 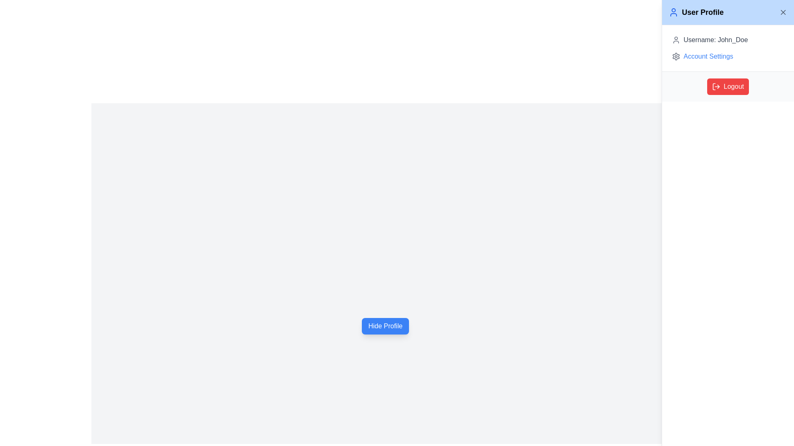 What do you see at coordinates (673, 12) in the screenshot?
I see `the user profile icon located to the left of the 'User Profile' label` at bounding box center [673, 12].